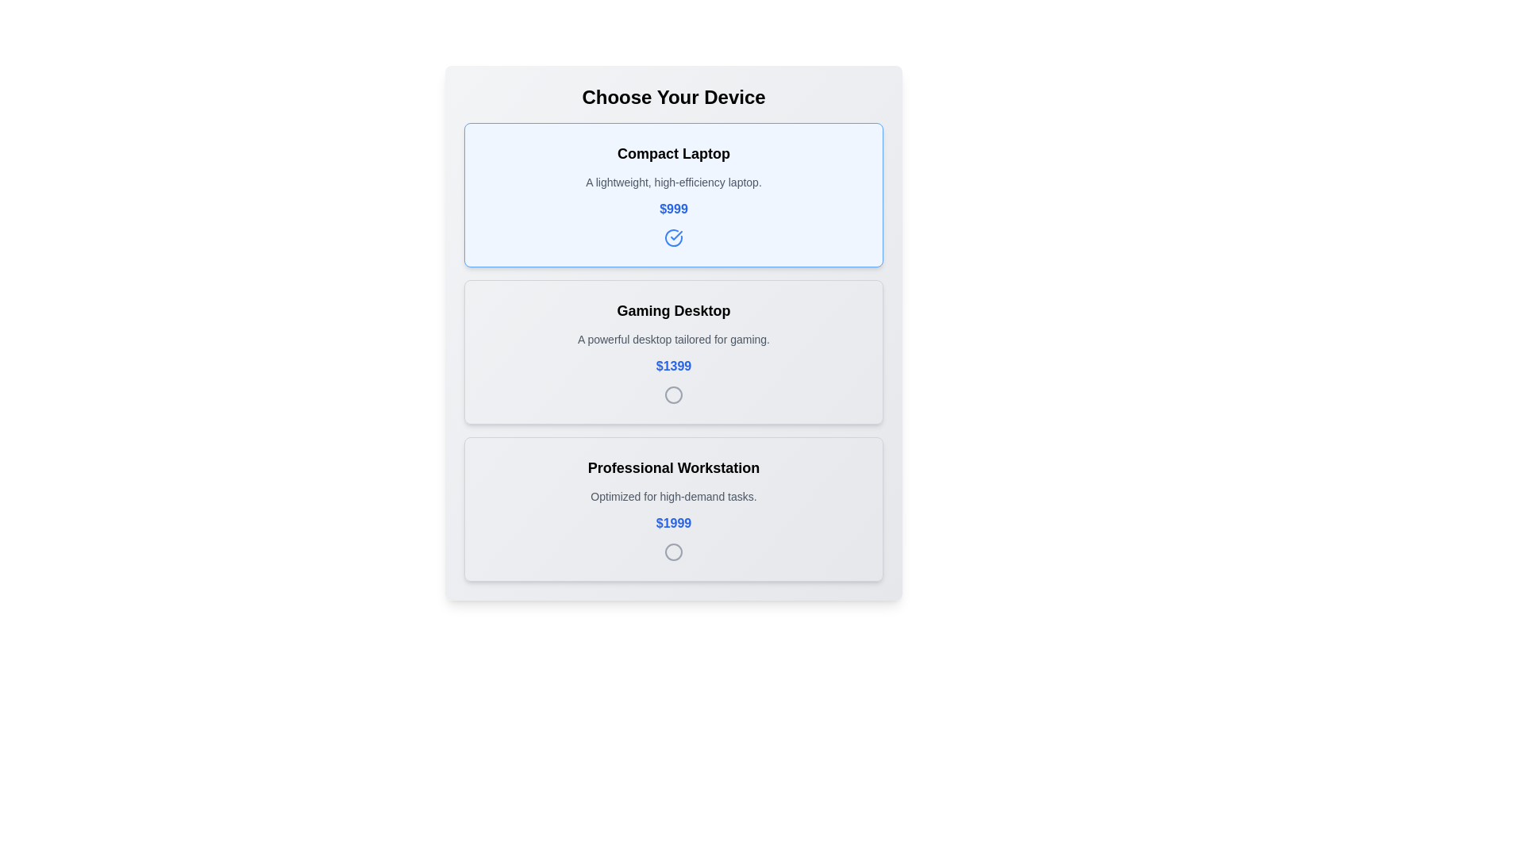 This screenshot has width=1524, height=857. What do you see at coordinates (674, 551) in the screenshot?
I see `the unselected radio button located in the 'Professional Workstation' section` at bounding box center [674, 551].